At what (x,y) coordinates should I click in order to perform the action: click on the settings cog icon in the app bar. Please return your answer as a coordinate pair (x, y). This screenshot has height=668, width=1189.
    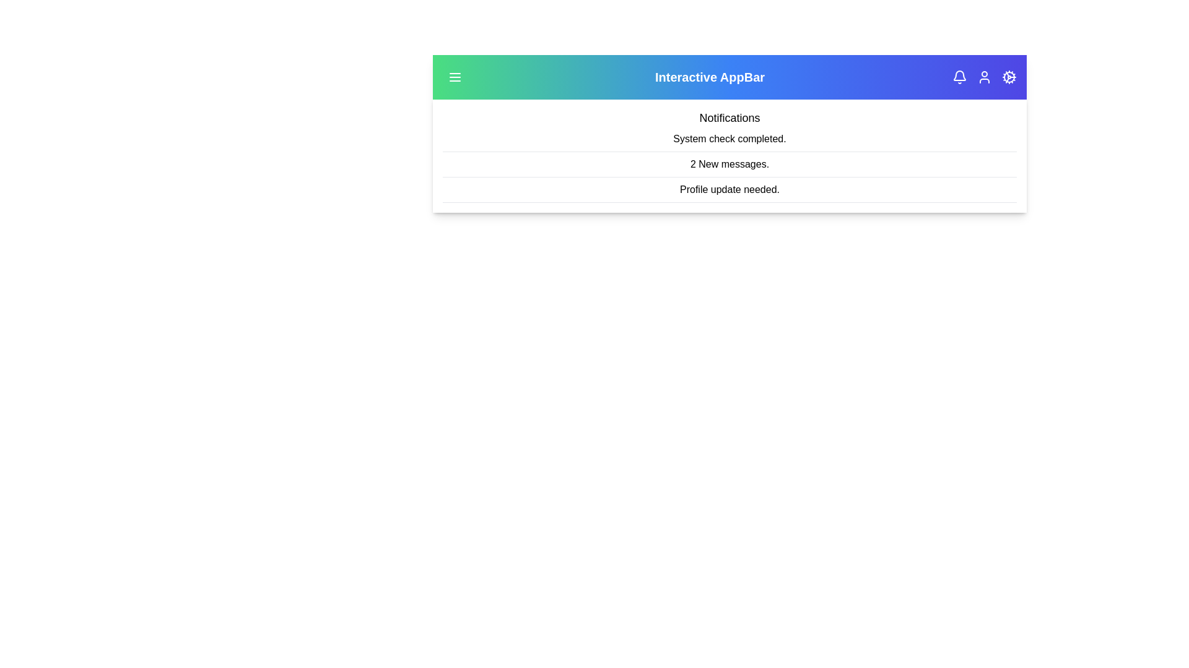
    Looking at the image, I should click on (1009, 77).